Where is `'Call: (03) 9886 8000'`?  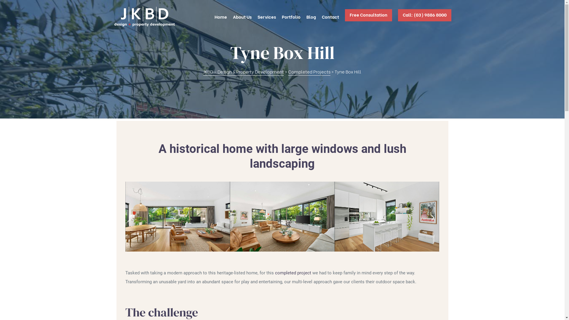
'Call: (03) 9886 8000' is located at coordinates (424, 16).